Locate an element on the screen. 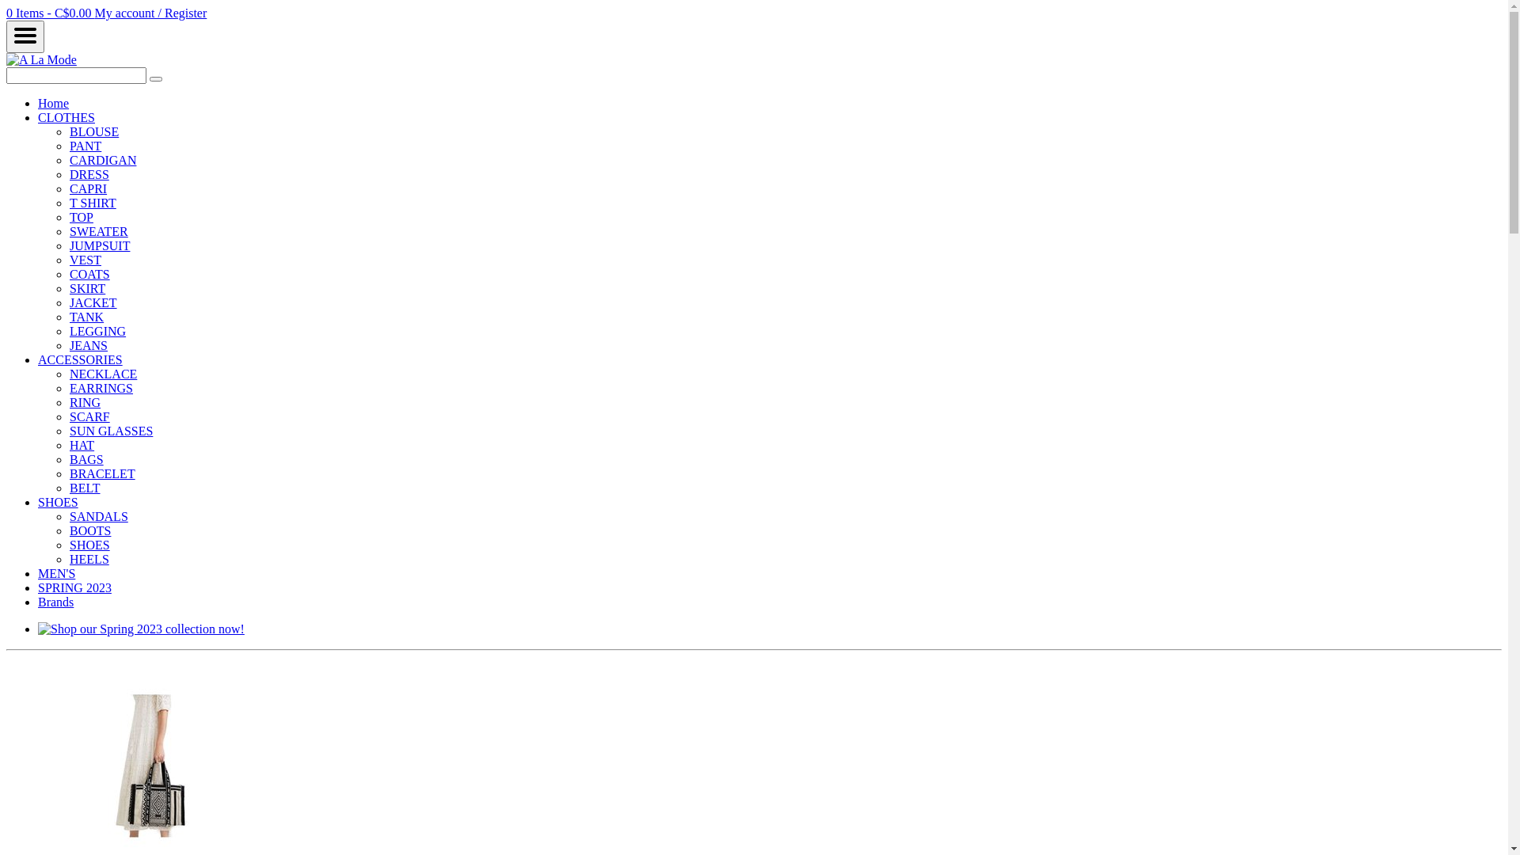 The image size is (1520, 855). 'JACKET' is located at coordinates (93, 302).